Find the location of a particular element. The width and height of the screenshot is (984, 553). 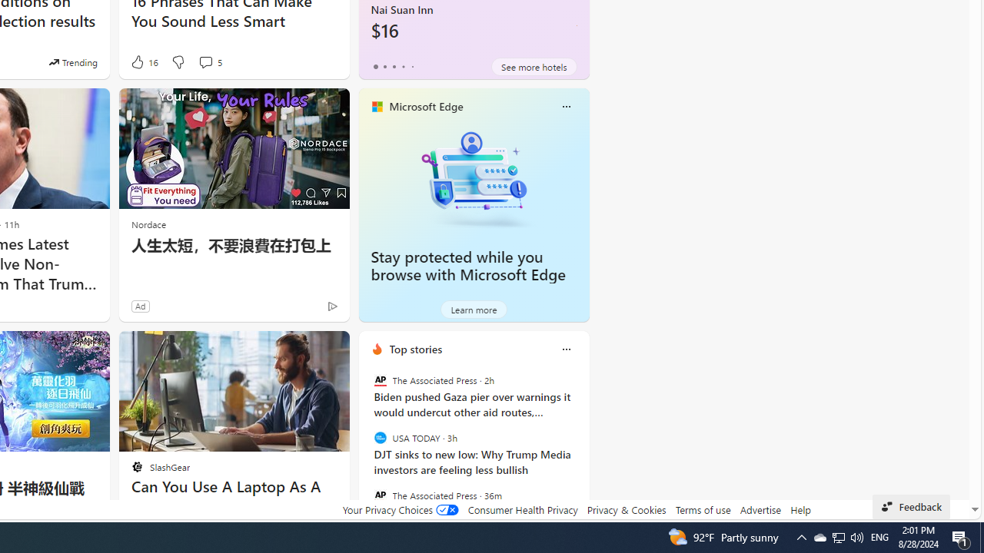

'Your Privacy Choices' is located at coordinates (400, 509).